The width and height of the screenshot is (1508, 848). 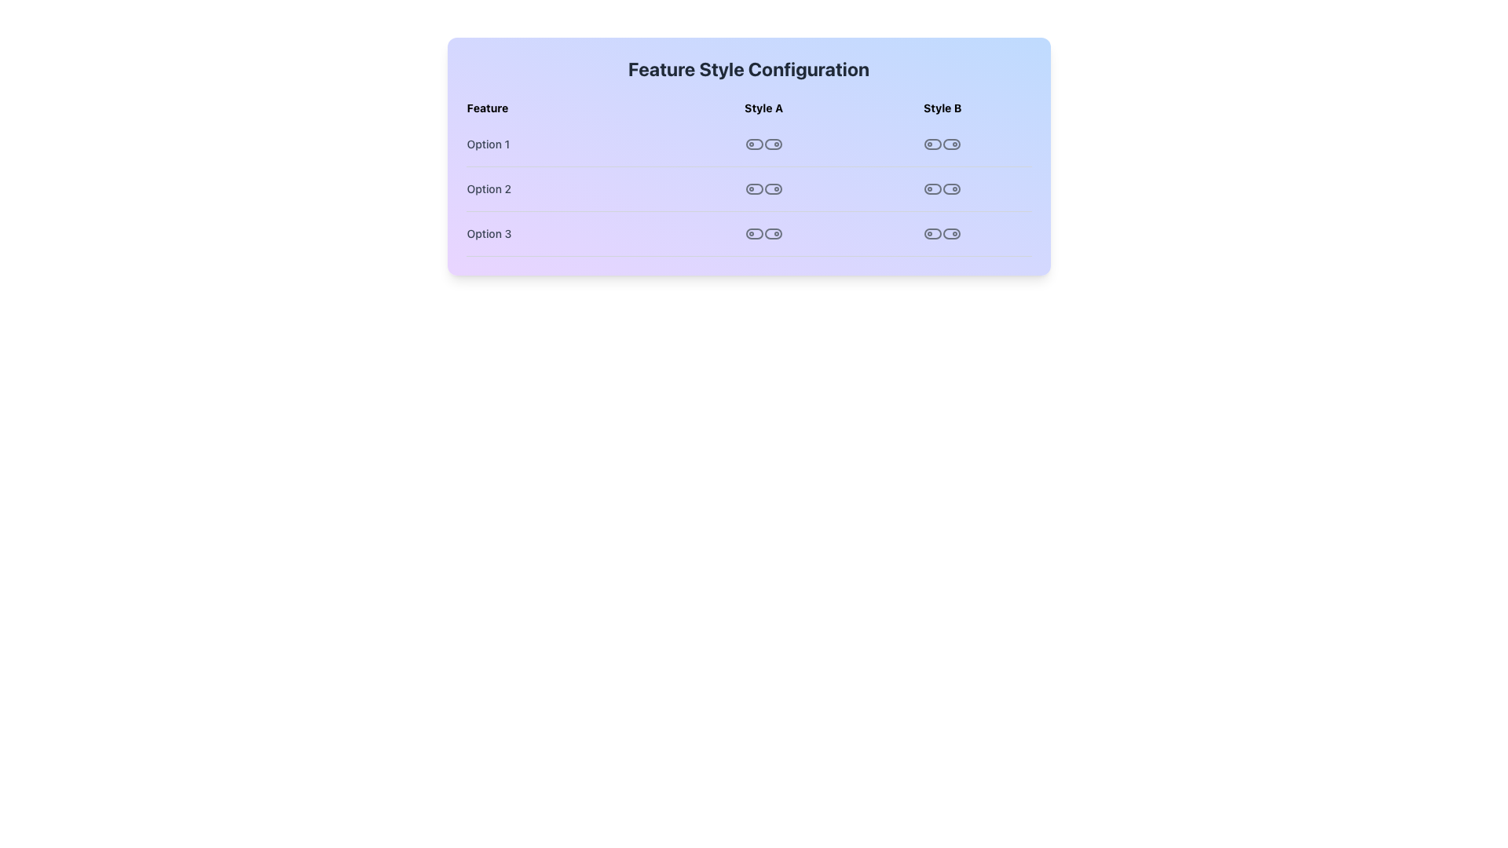 What do you see at coordinates (942, 188) in the screenshot?
I see `the 'Style B' toggle for 'Option 2', which is the third element in the row under 'Option 2'` at bounding box center [942, 188].